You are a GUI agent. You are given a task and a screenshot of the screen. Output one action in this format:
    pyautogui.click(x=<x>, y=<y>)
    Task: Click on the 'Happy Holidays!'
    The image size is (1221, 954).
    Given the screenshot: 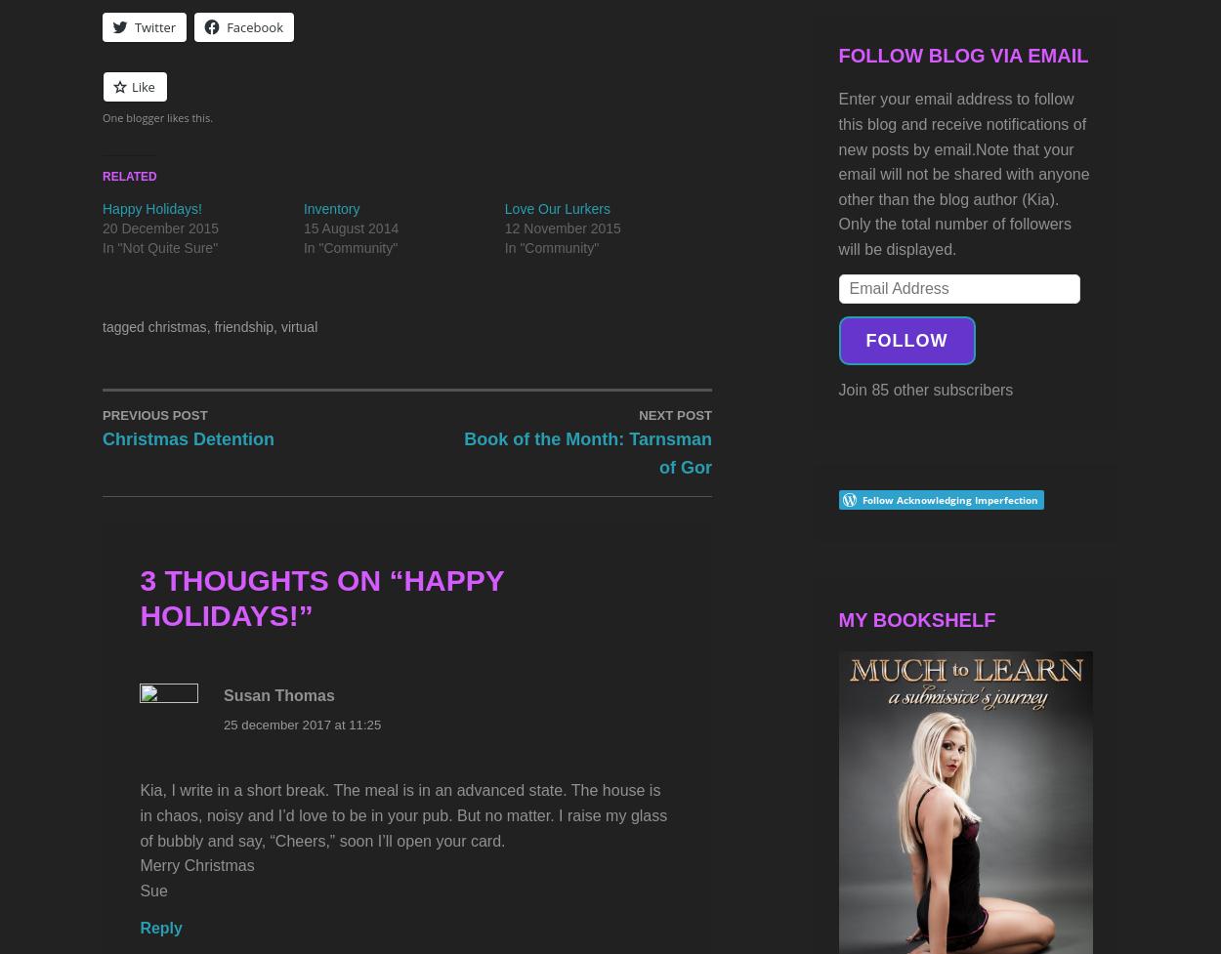 What is the action you would take?
    pyautogui.click(x=320, y=596)
    